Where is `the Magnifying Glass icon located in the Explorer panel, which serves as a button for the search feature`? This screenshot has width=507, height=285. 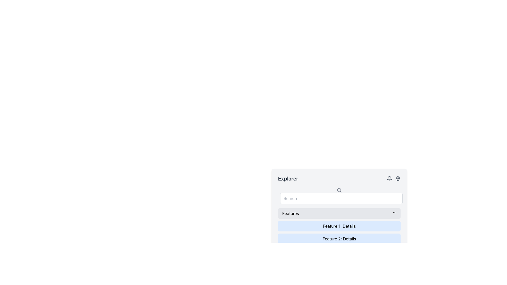
the Magnifying Glass icon located in the Explorer panel, which serves as a button for the search feature is located at coordinates (339, 190).